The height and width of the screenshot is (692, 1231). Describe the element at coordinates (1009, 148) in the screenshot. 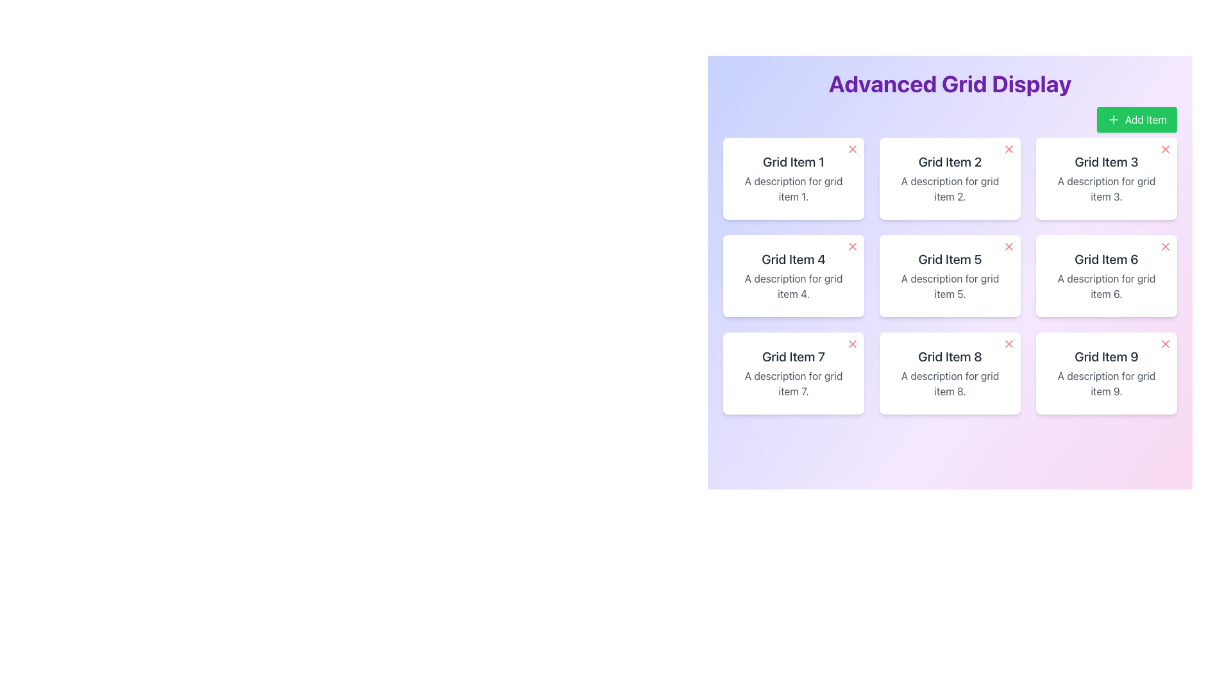

I see `the close or delete button located in the top-right corner of the panel labeled 'Grid Item 2'` at that location.